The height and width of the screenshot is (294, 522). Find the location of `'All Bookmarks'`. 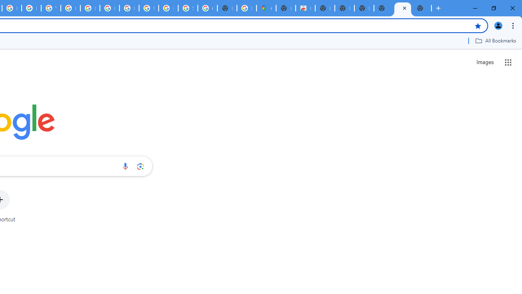

'All Bookmarks' is located at coordinates (495, 40).